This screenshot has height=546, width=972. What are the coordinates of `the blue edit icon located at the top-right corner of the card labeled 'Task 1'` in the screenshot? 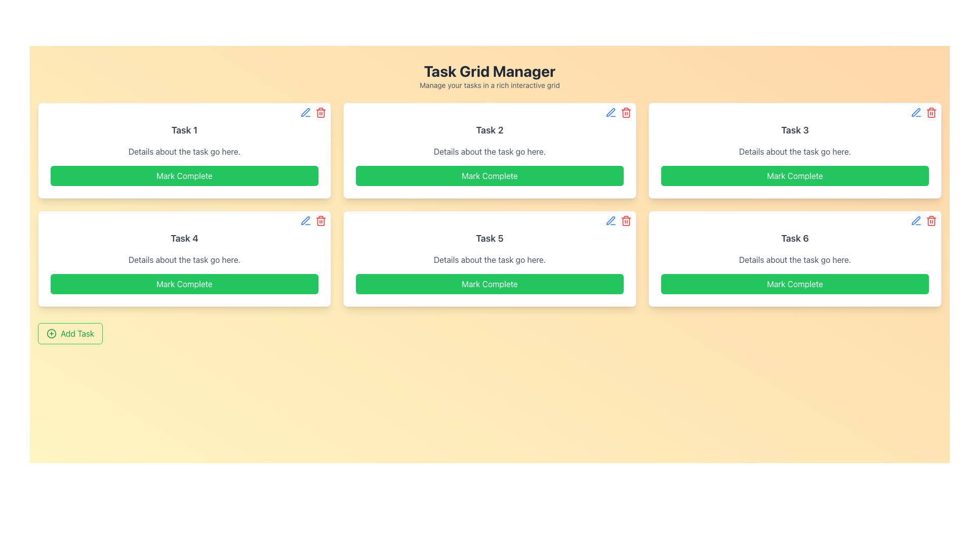 It's located at (313, 113).